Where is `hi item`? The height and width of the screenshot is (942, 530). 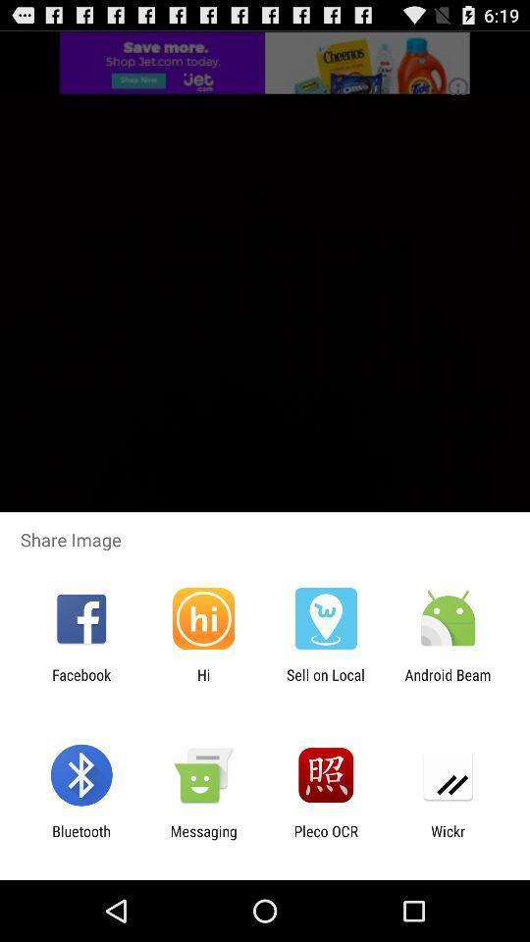 hi item is located at coordinates (202, 683).